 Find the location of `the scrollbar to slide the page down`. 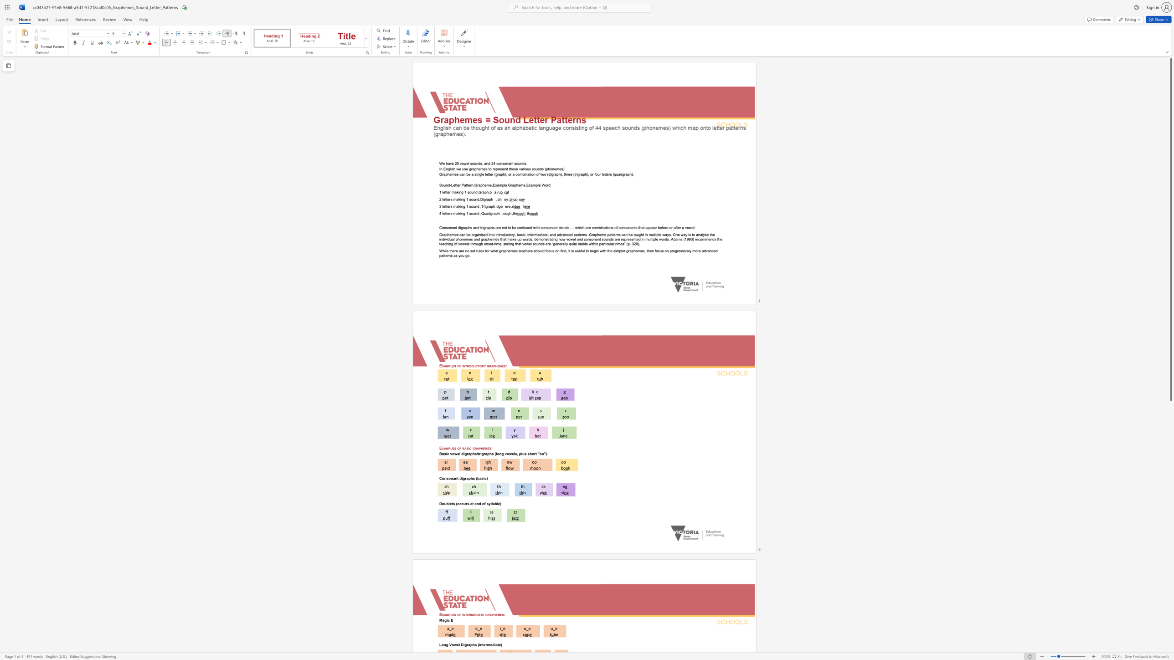

the scrollbar to slide the page down is located at coordinates (1170, 421).